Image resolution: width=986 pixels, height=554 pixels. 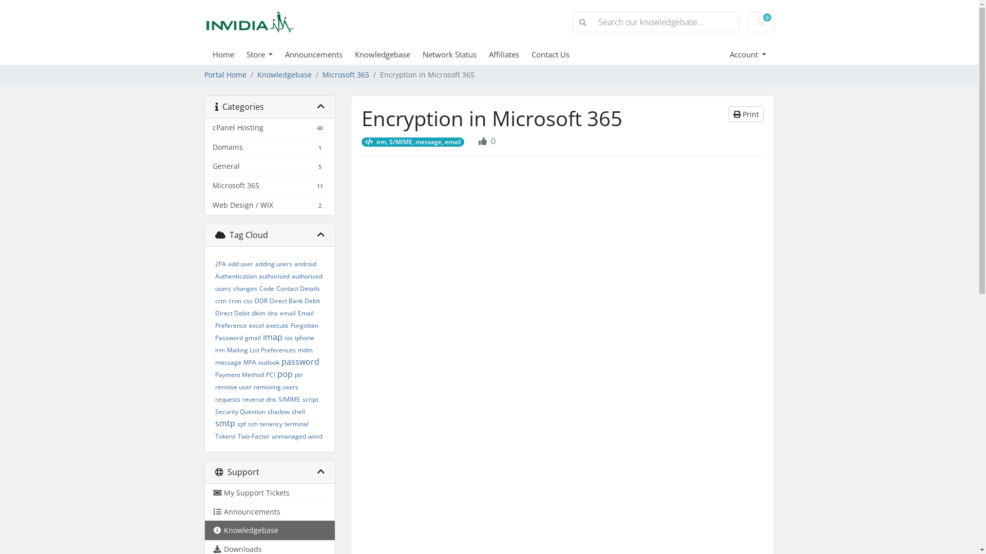 What do you see at coordinates (243, 338) in the screenshot?
I see `'gmail'` at bounding box center [243, 338].